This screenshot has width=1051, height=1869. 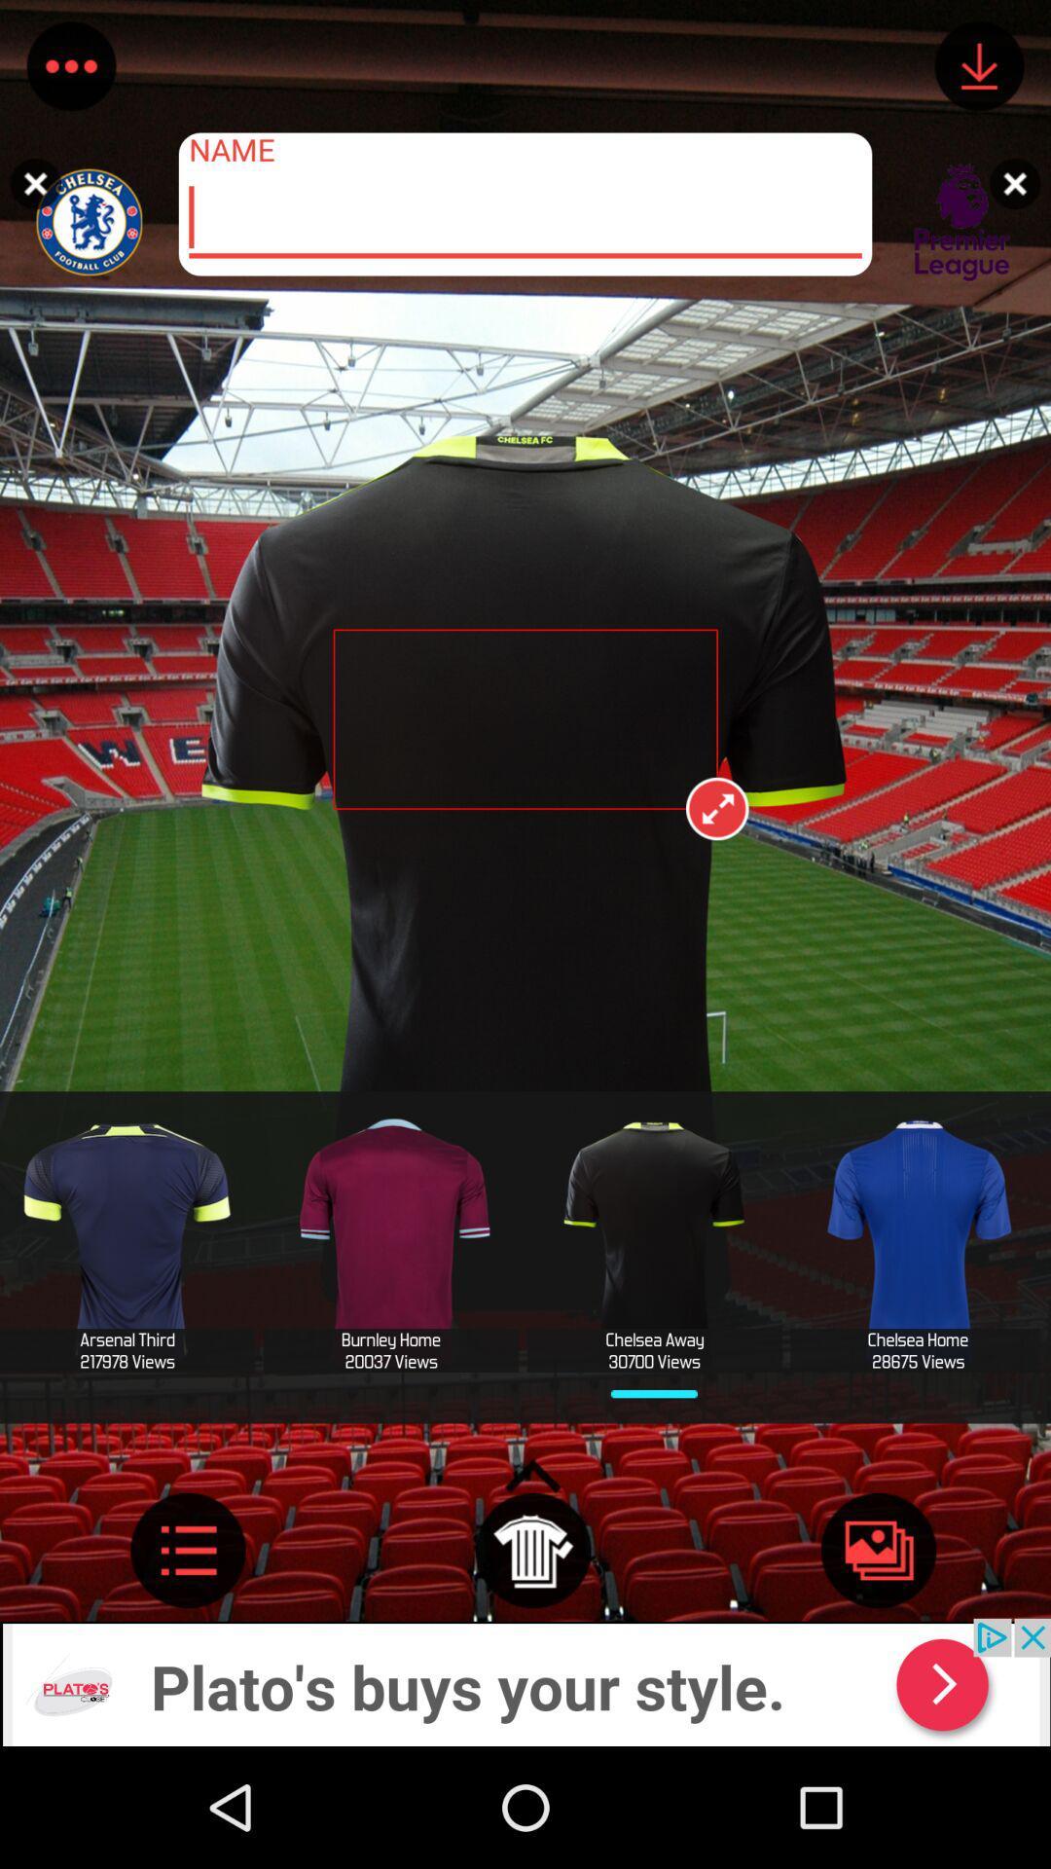 I want to click on blue color jersey option on right side, so click(x=918, y=1243).